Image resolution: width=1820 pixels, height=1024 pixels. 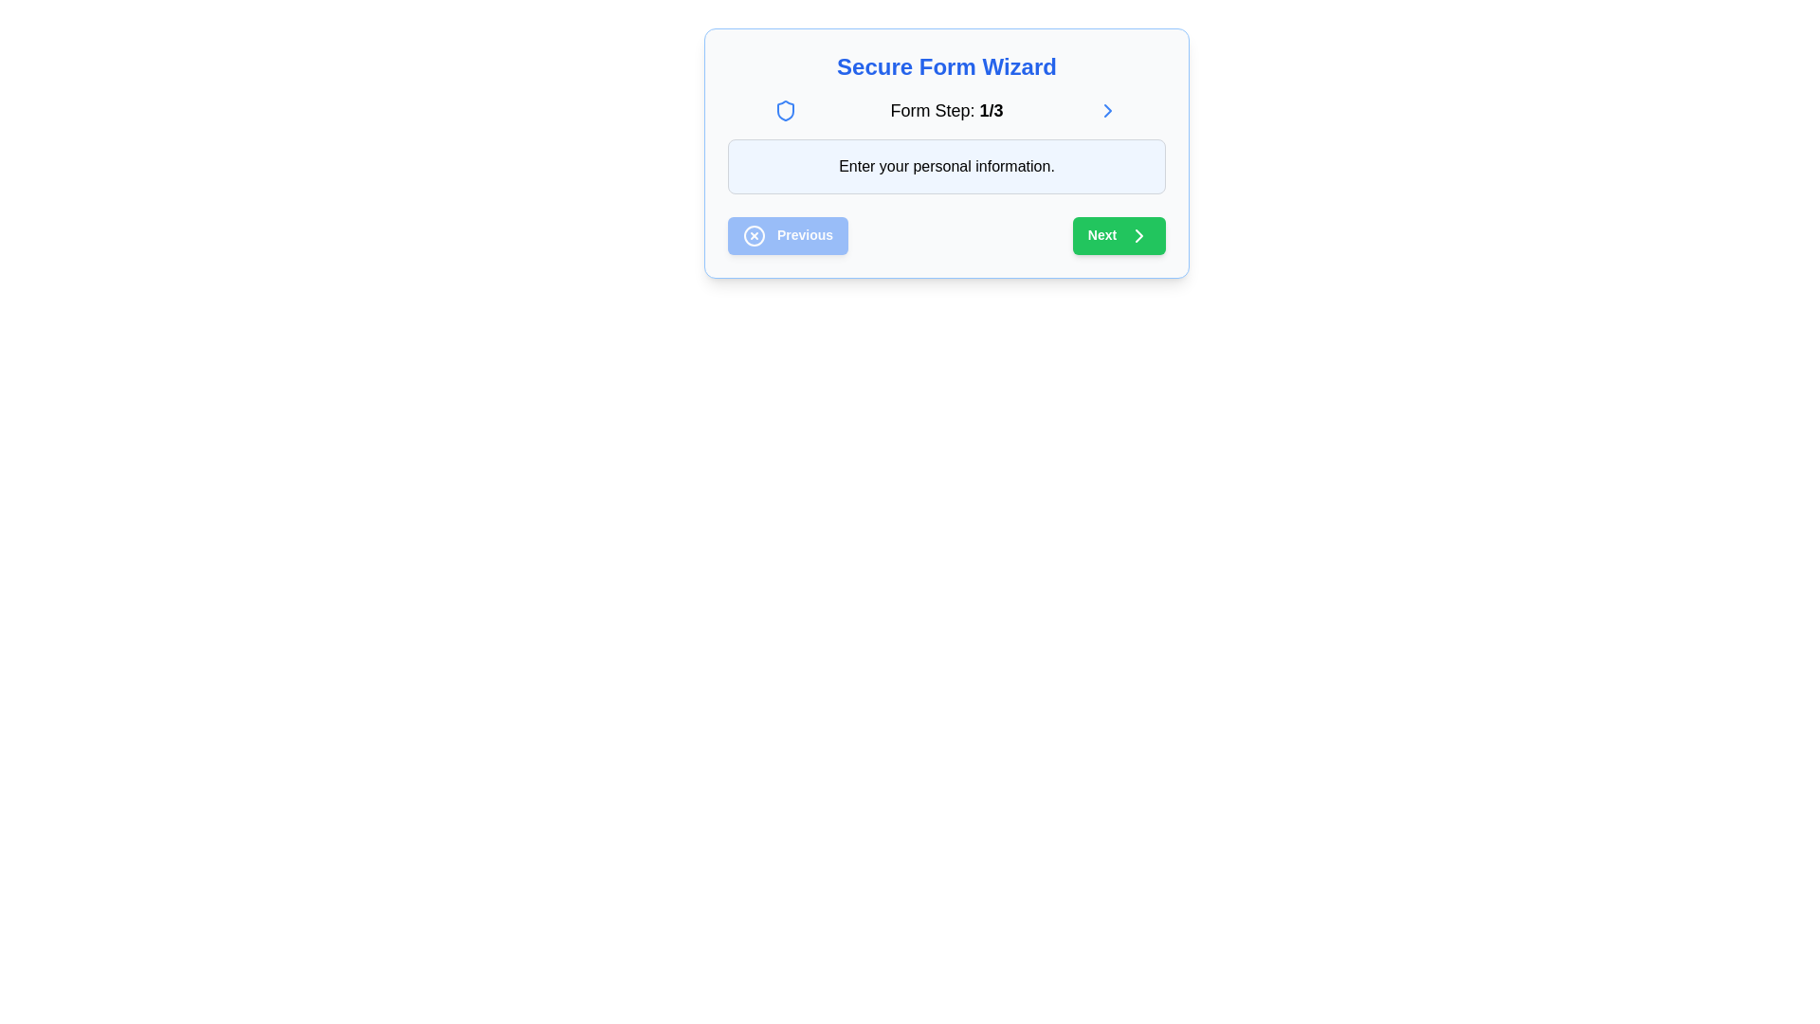 I want to click on the text label with a light blue background that contains the message 'Enter your personal information.', so click(x=946, y=166).